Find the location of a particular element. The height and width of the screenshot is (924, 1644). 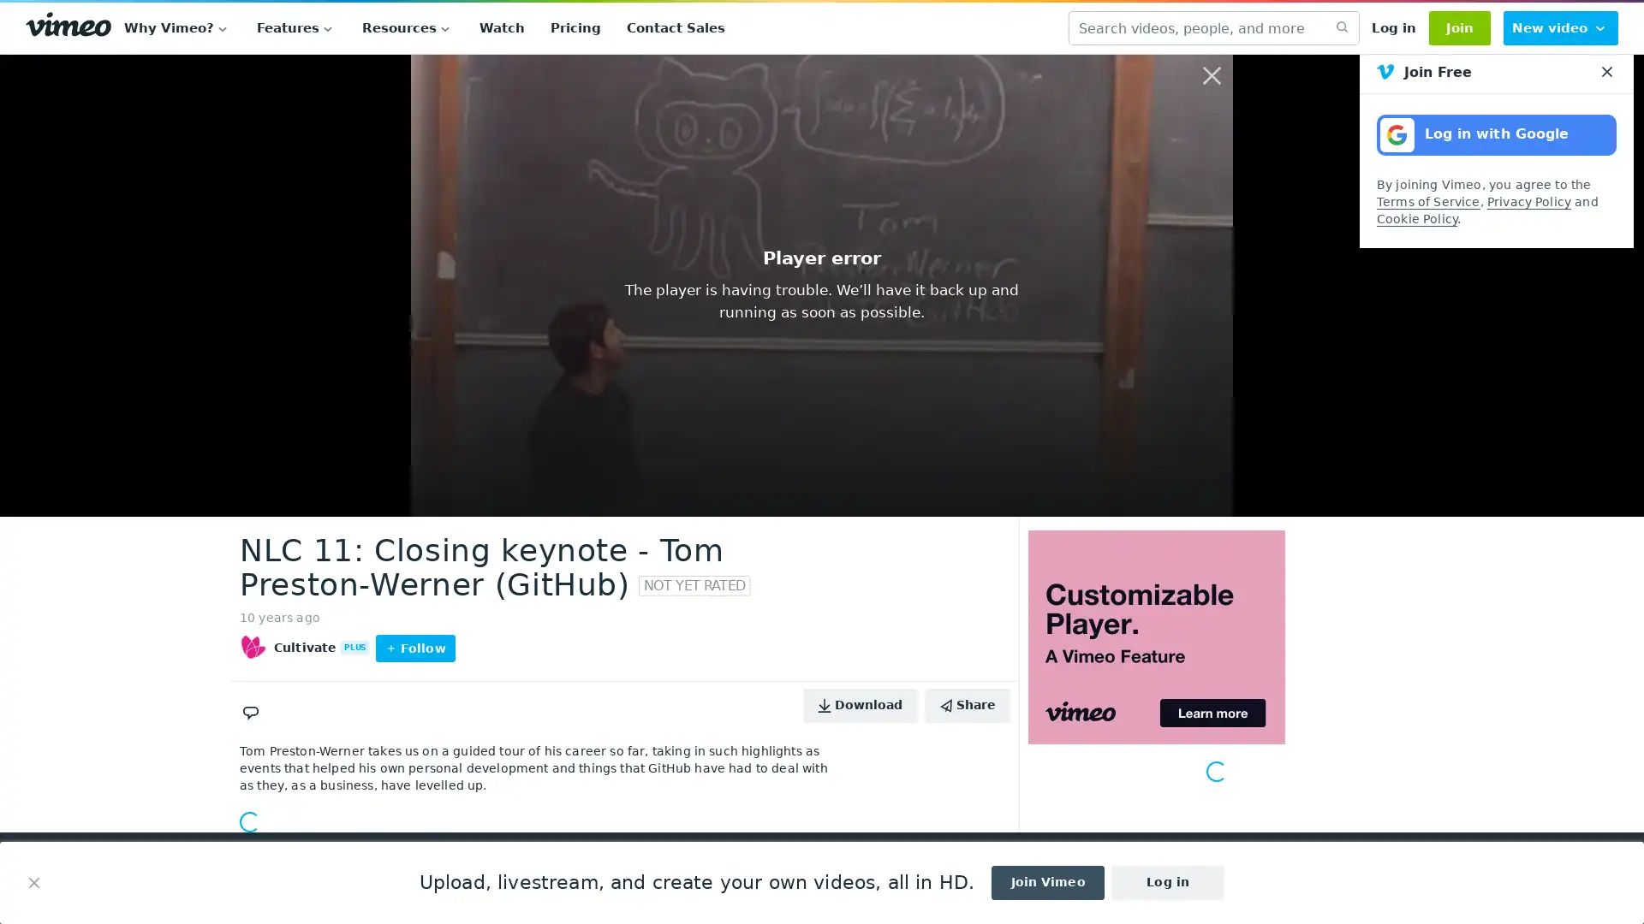

Resources is located at coordinates (407, 28).